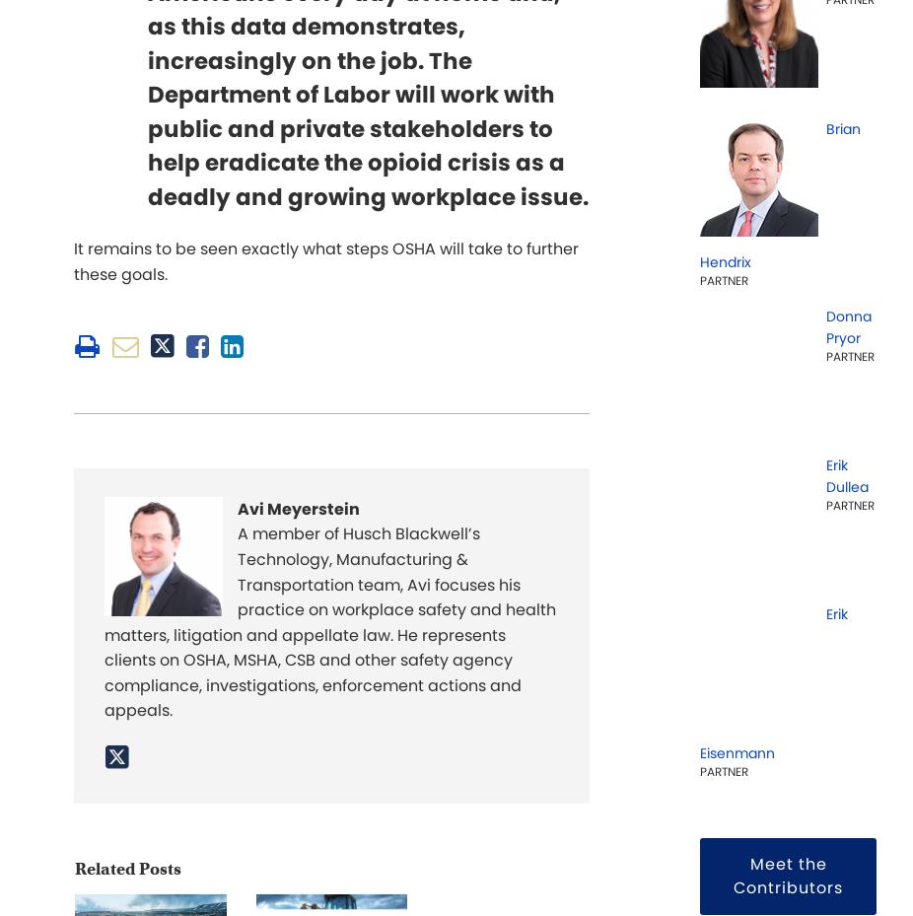 This screenshot has width=913, height=916. What do you see at coordinates (848, 326) in the screenshot?
I see `'Donna Pryor'` at bounding box center [848, 326].